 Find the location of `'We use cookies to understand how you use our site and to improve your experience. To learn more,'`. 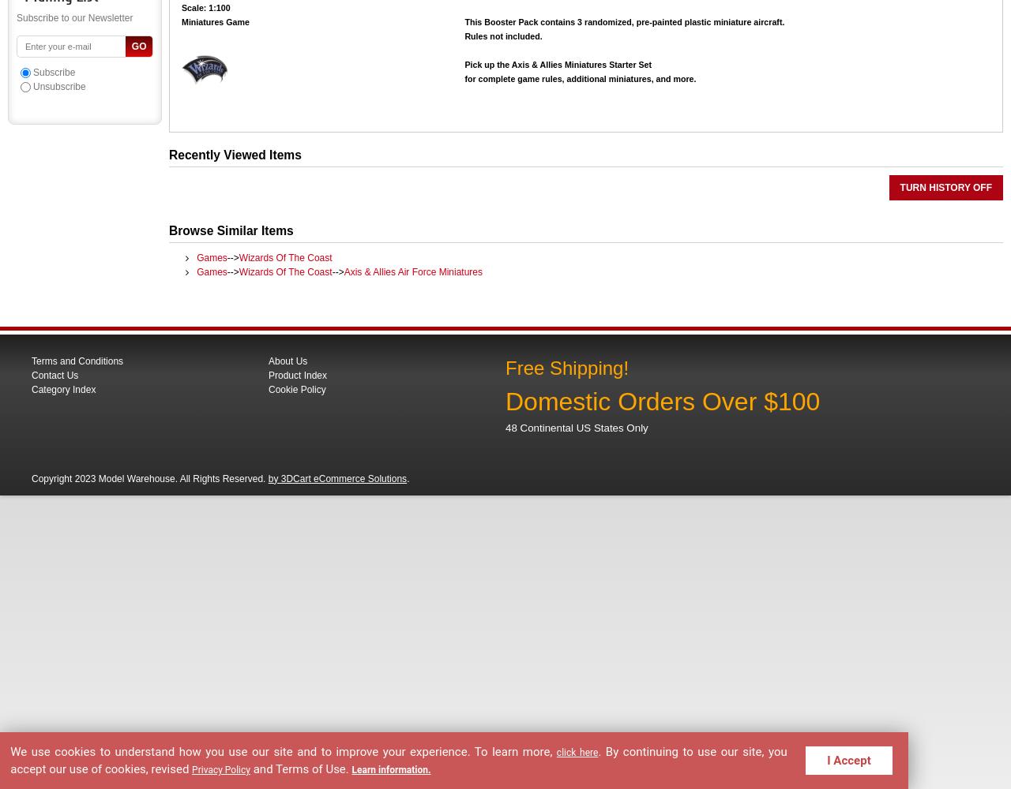

'We use cookies to understand how you use our site and to improve your experience. To learn more,' is located at coordinates (284, 750).